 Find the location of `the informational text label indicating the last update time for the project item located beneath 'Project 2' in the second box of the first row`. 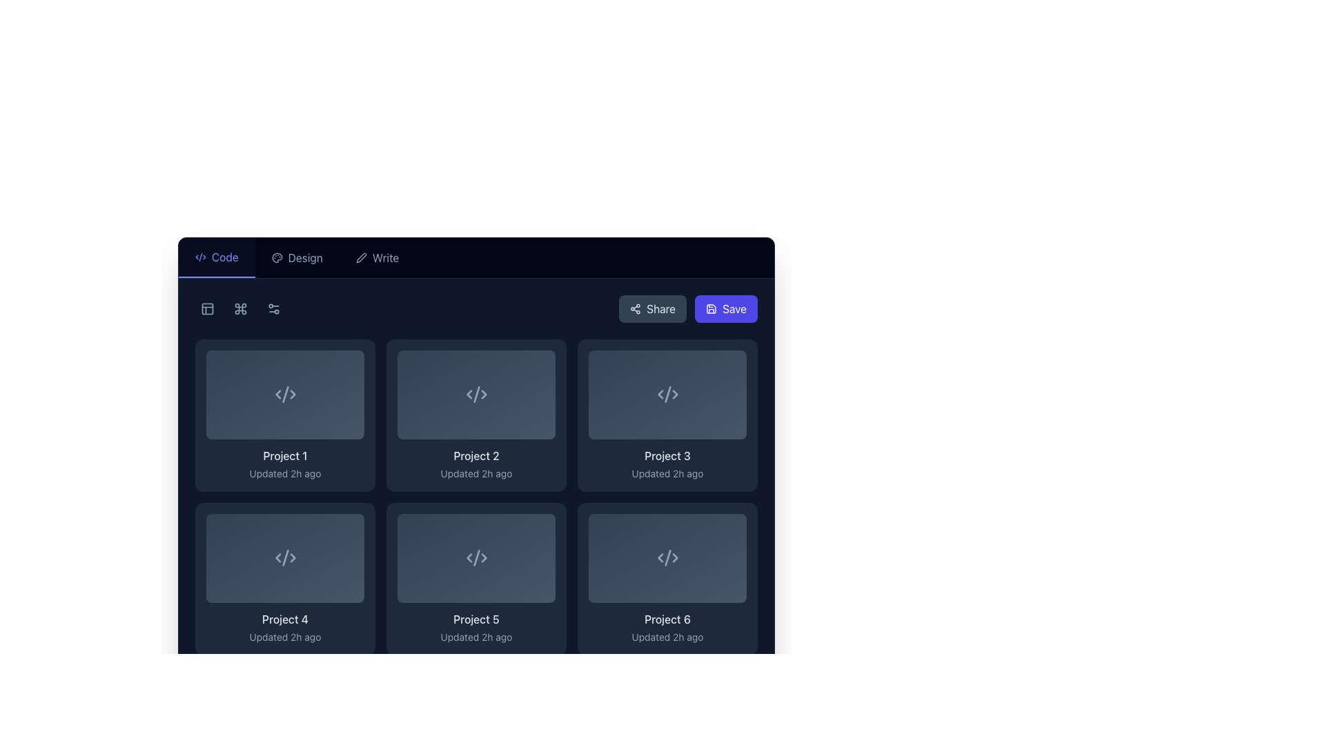

the informational text label indicating the last update time for the project item located beneath 'Project 2' in the second box of the first row is located at coordinates (476, 473).